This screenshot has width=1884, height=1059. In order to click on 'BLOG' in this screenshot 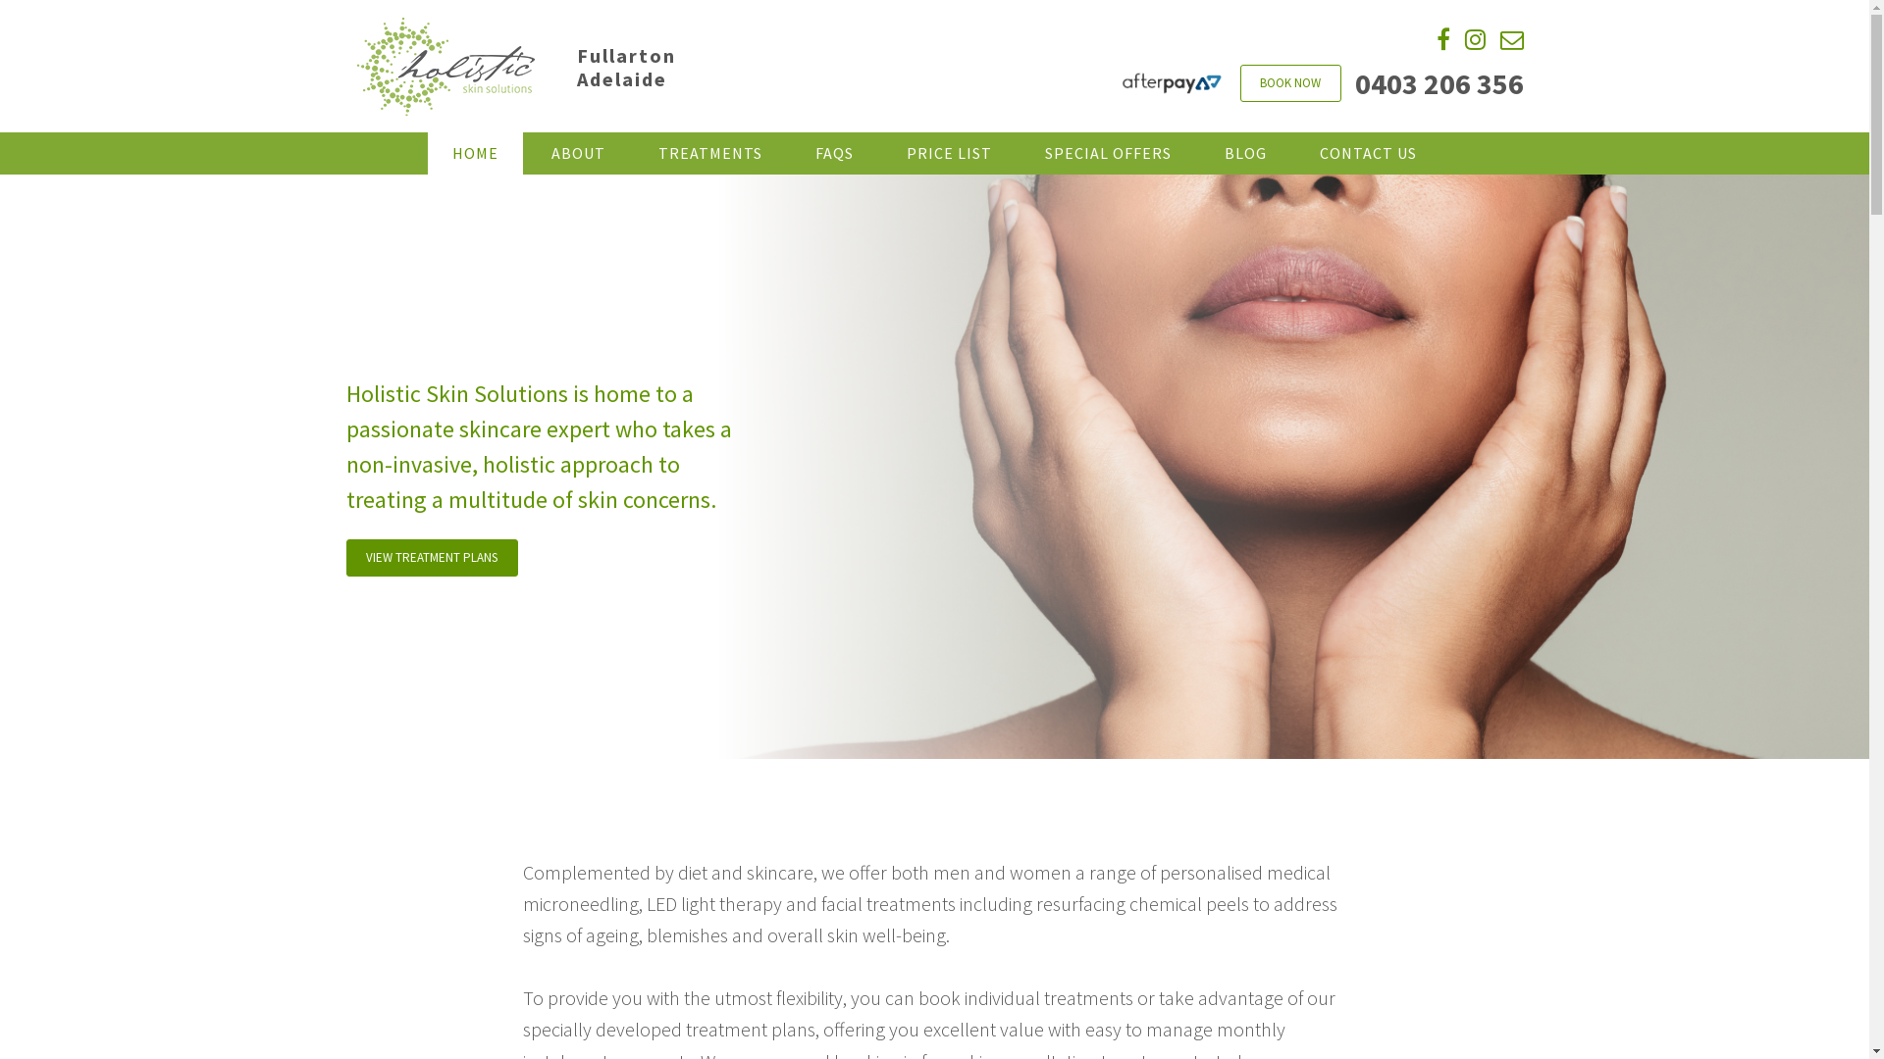, I will do `click(1244, 152)`.